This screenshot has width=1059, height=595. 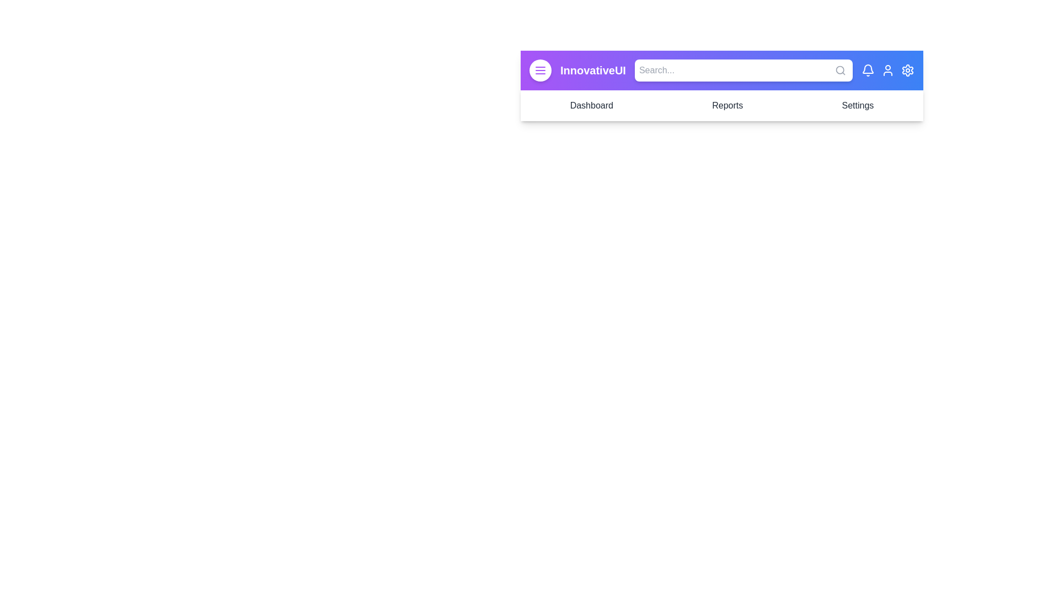 What do you see at coordinates (868, 70) in the screenshot?
I see `bell icon to view notifications` at bounding box center [868, 70].